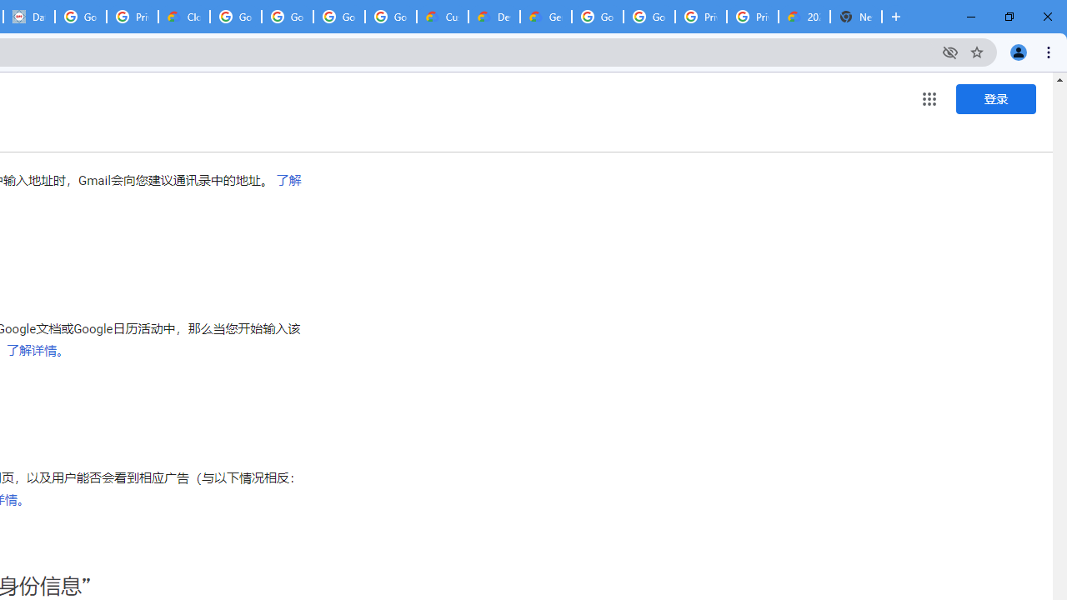 The image size is (1067, 600). Describe the element at coordinates (338, 17) in the screenshot. I see `'Google Workspace - Specific Terms'` at that location.